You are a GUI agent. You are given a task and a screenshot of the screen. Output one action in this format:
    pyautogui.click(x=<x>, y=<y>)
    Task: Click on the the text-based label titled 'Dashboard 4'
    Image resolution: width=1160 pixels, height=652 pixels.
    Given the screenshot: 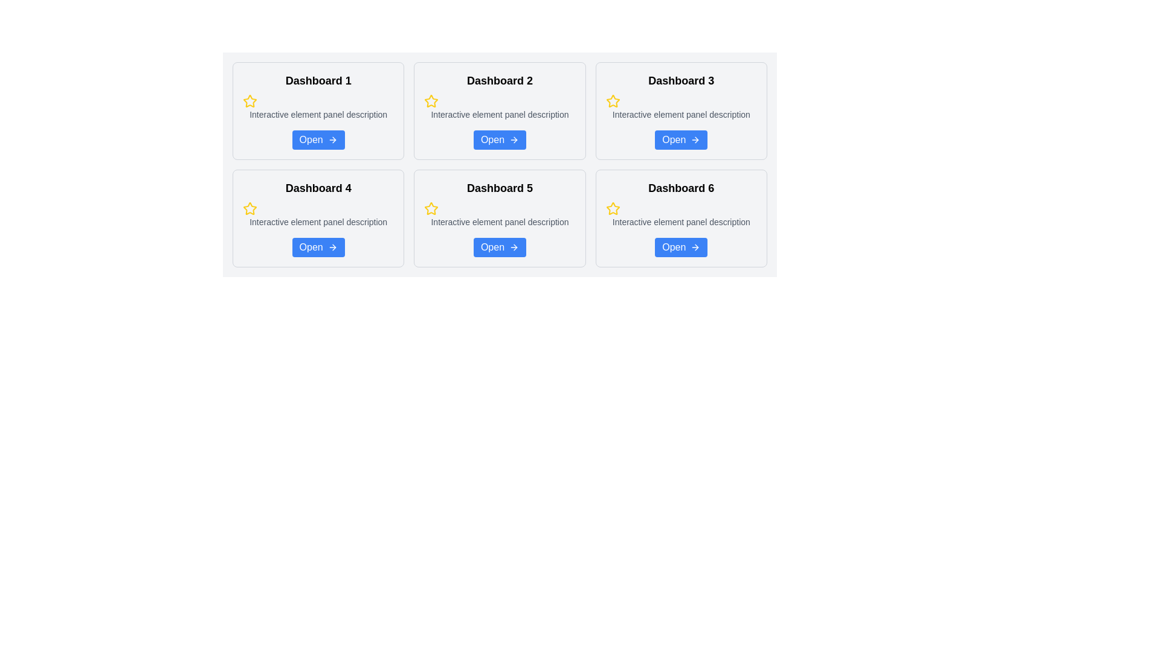 What is the action you would take?
    pyautogui.click(x=318, y=188)
    